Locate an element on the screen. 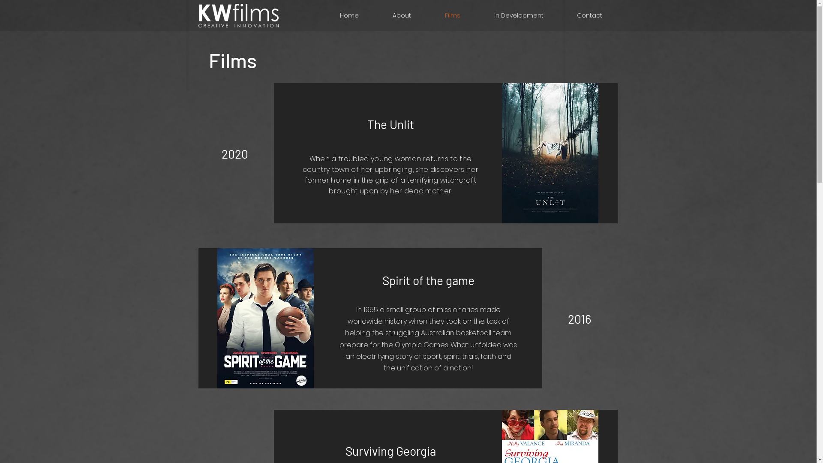 This screenshot has height=463, width=823. 'About' is located at coordinates (401, 15).